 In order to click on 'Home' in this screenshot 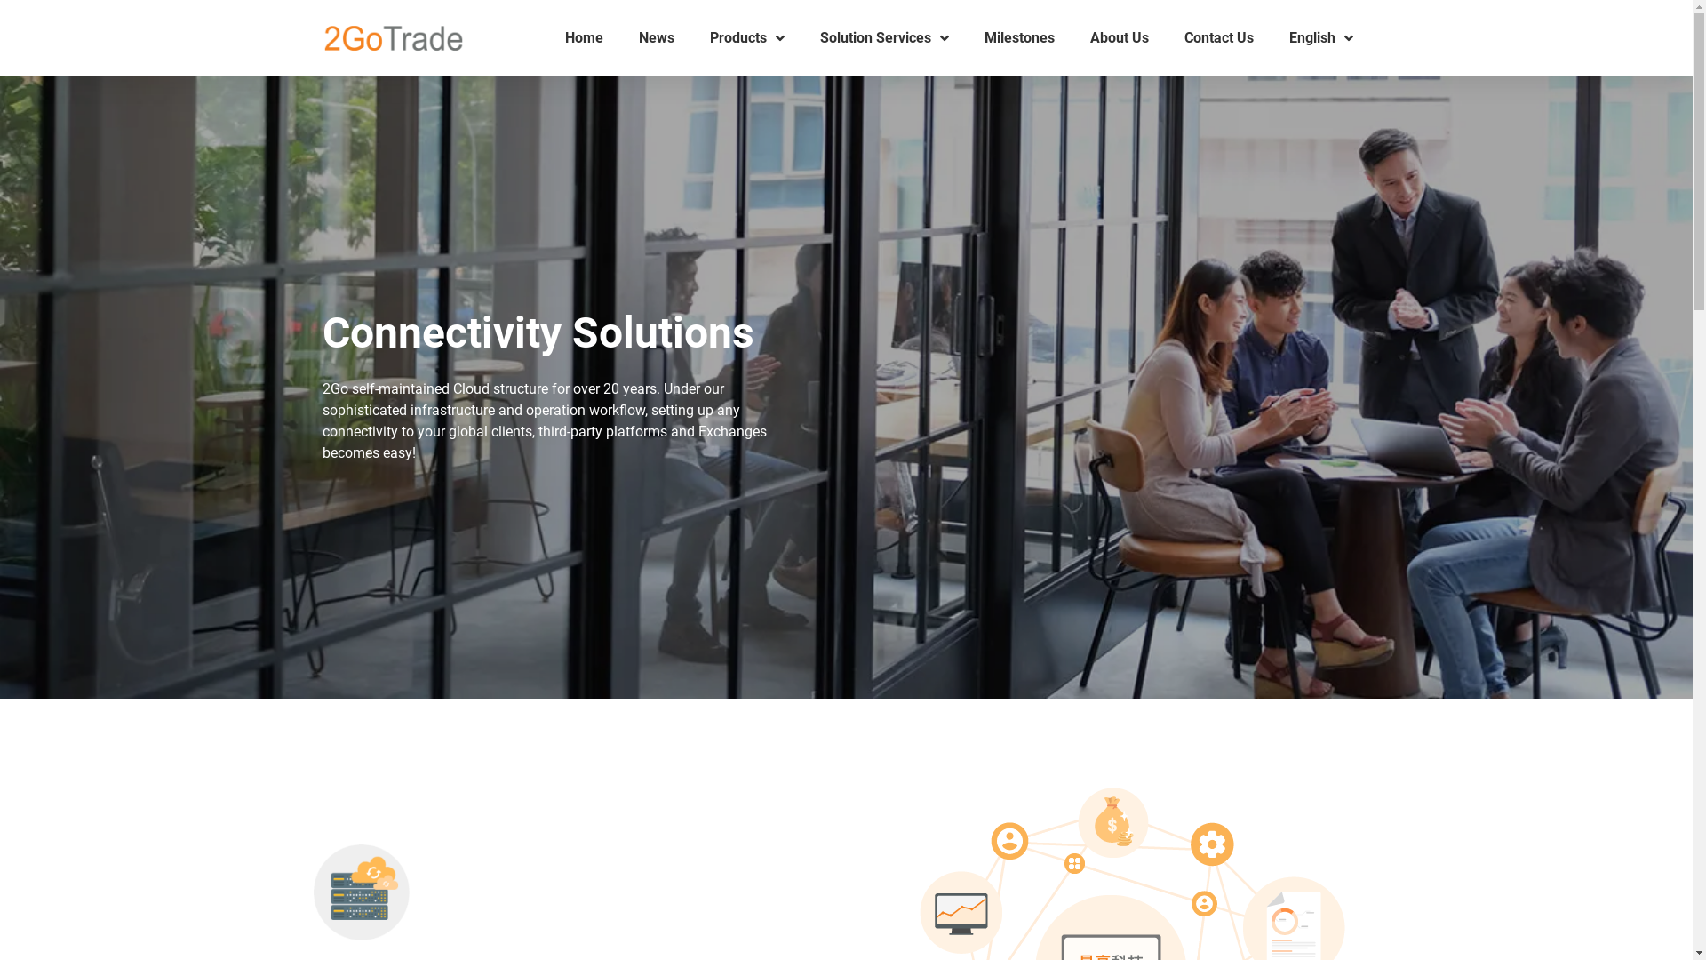, I will do `click(584, 37)`.